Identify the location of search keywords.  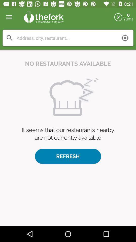
(66, 38).